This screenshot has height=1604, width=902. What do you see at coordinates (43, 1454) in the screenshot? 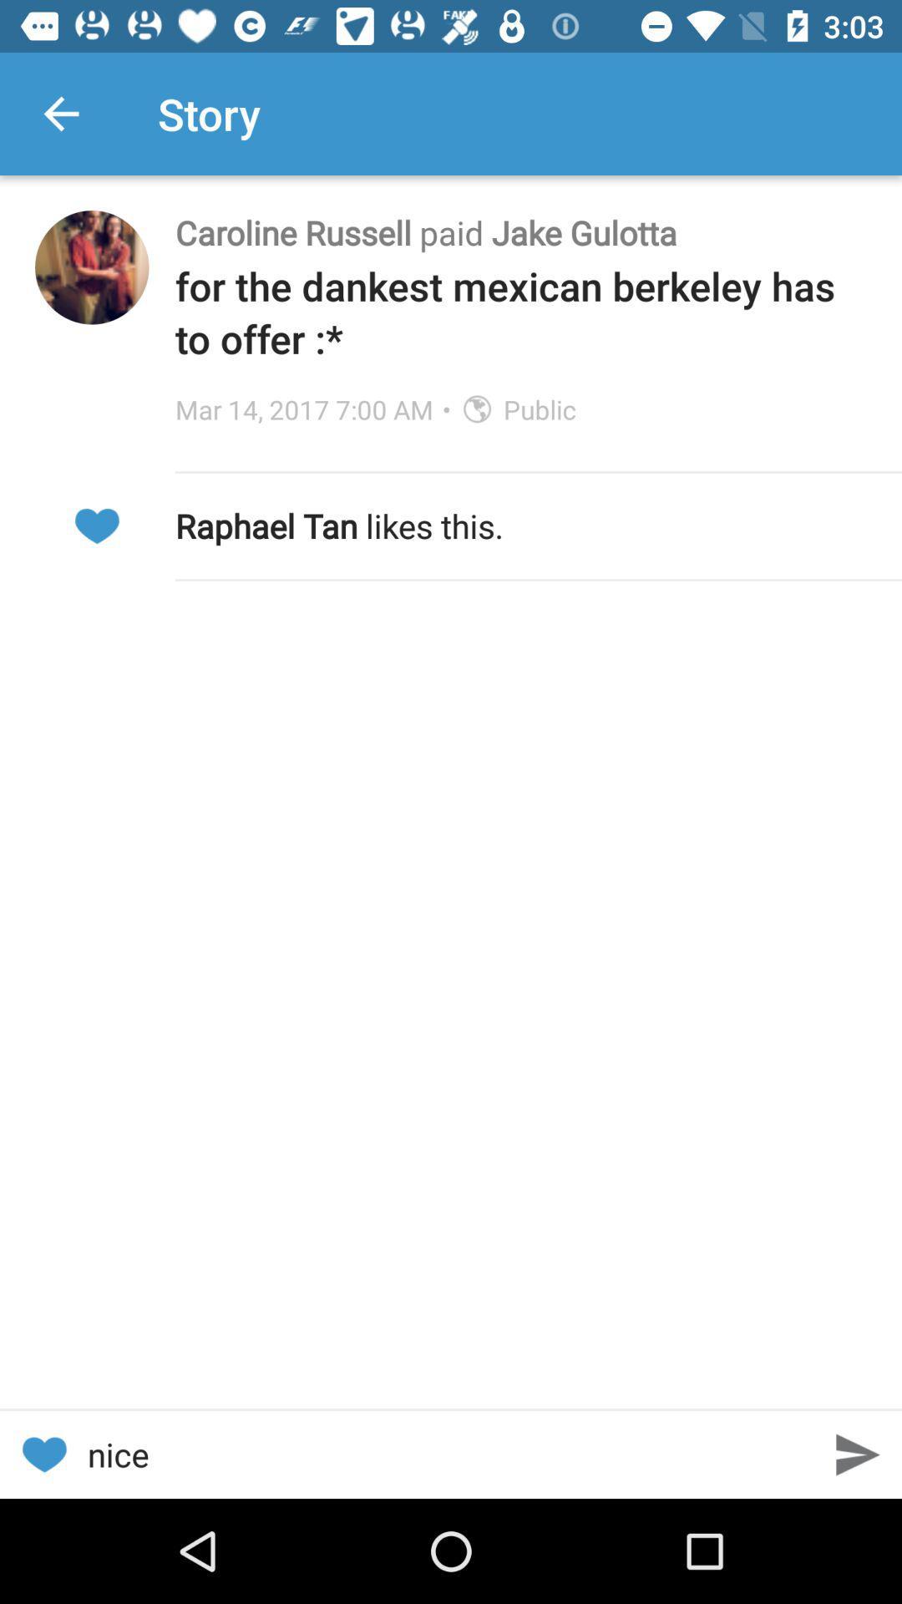
I see `like this post` at bounding box center [43, 1454].